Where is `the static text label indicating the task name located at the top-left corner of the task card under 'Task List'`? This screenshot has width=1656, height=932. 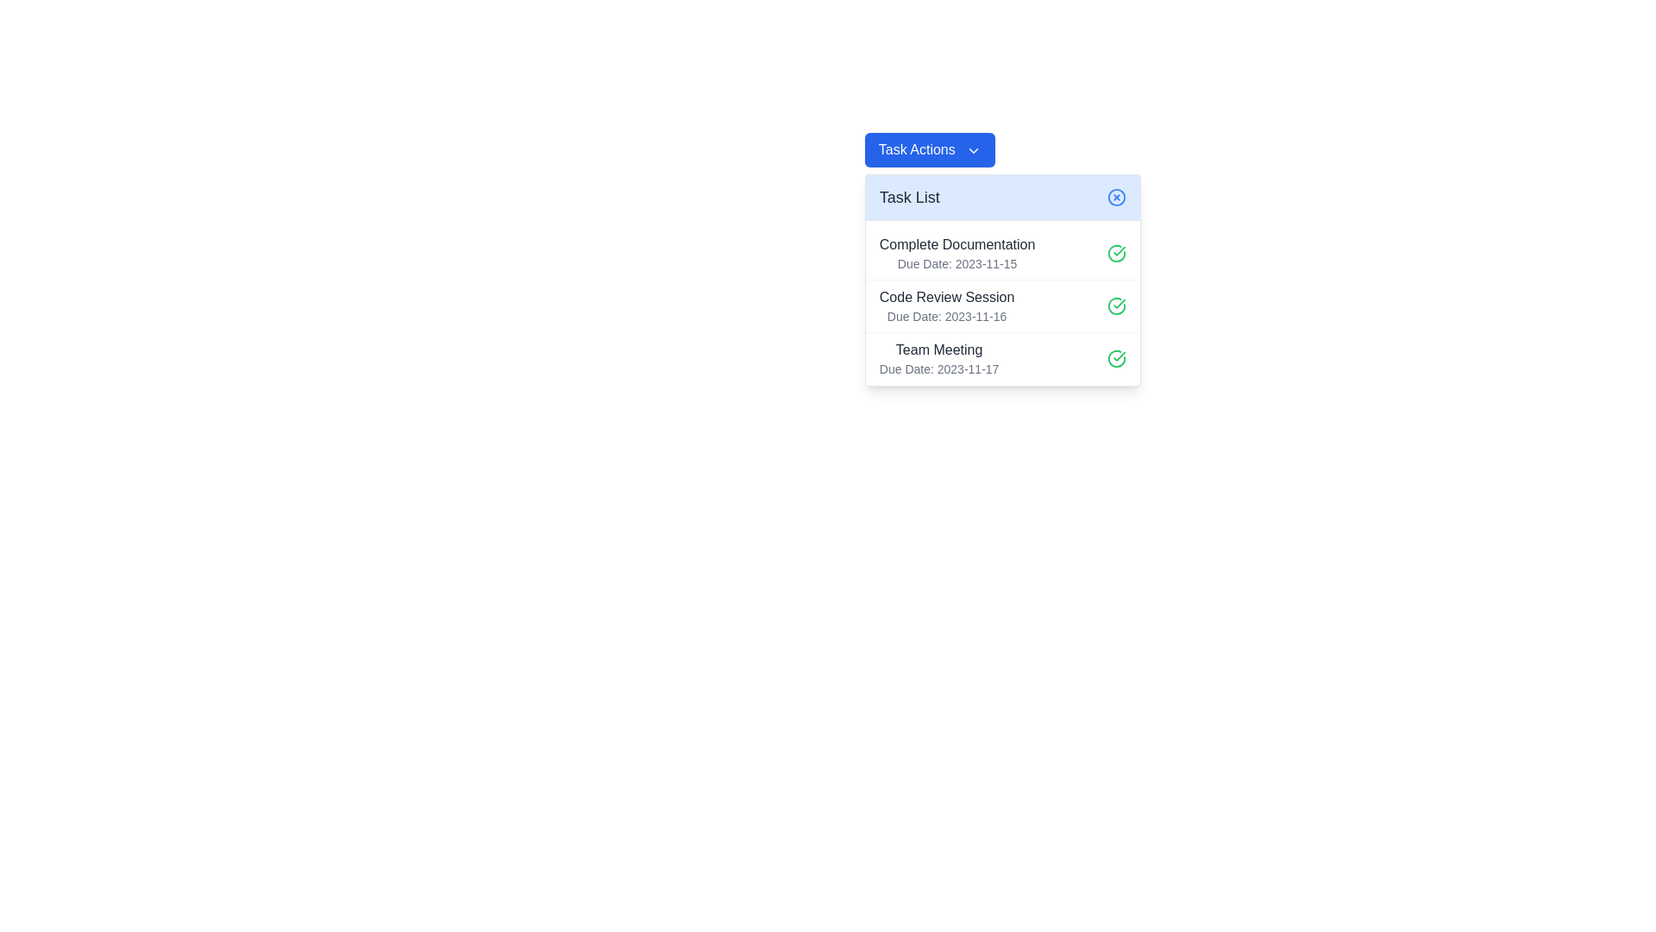 the static text label indicating the task name located at the top-left corner of the task card under 'Task List' is located at coordinates (957, 245).